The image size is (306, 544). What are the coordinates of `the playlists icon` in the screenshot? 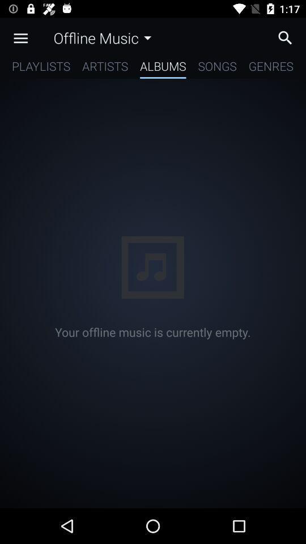 It's located at (40, 68).